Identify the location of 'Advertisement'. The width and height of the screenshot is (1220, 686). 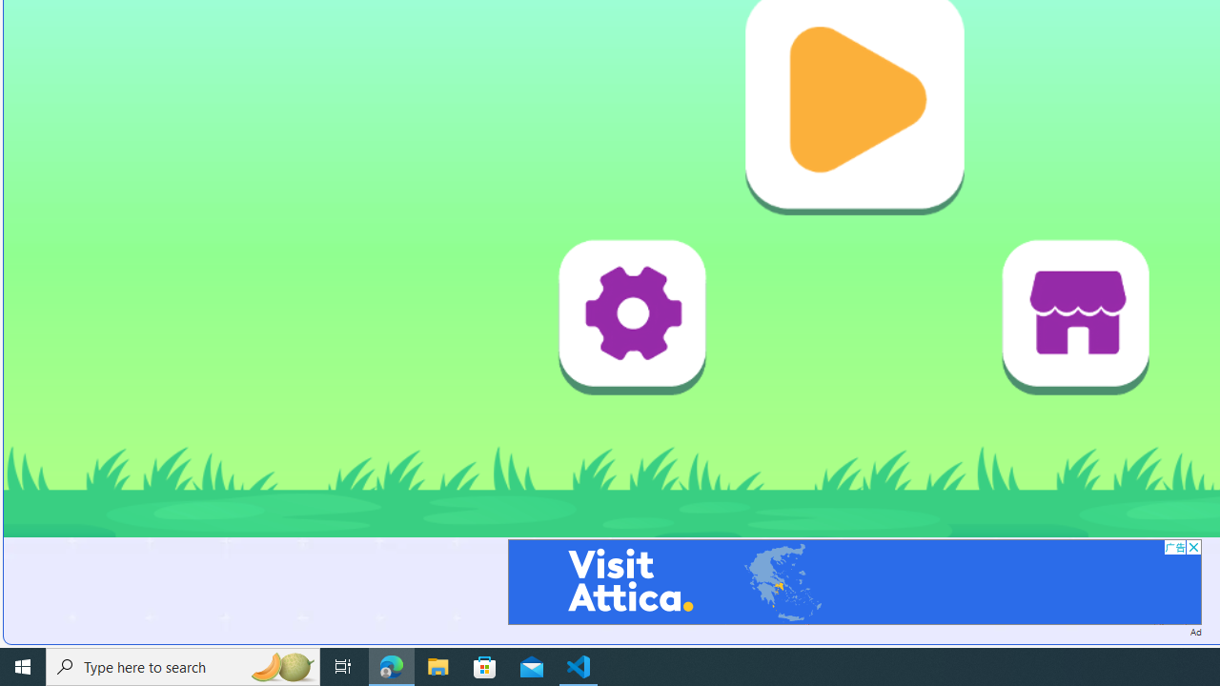
(853, 580).